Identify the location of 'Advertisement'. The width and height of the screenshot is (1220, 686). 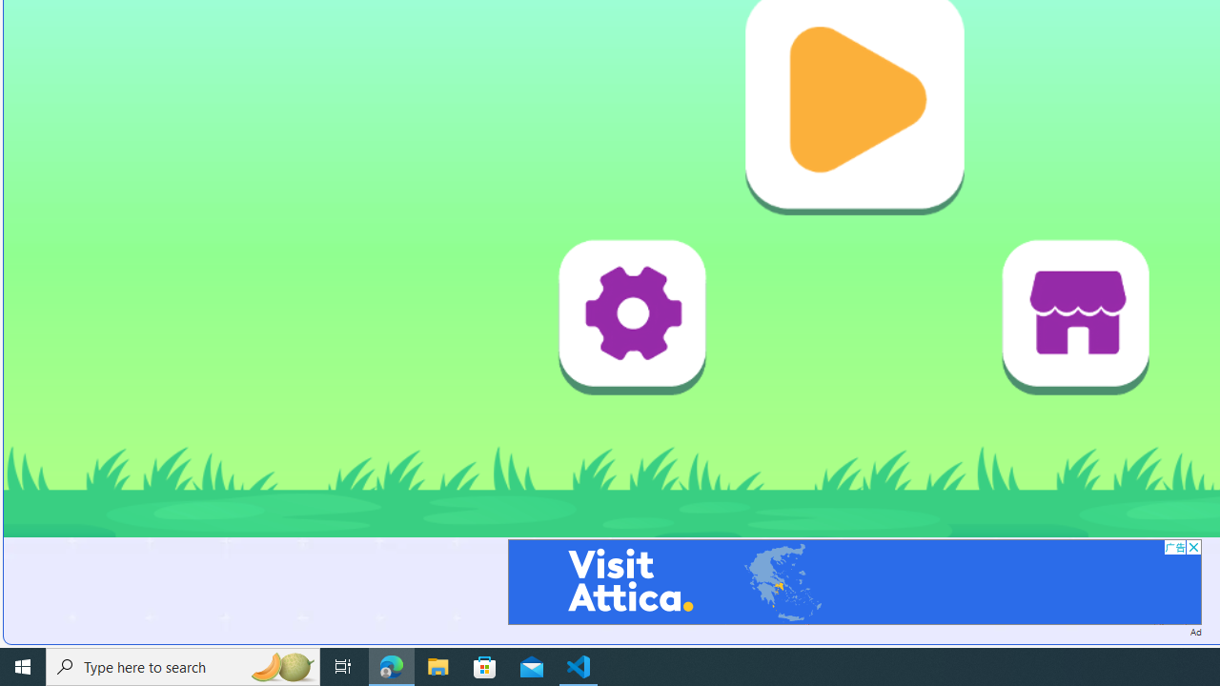
(853, 580).